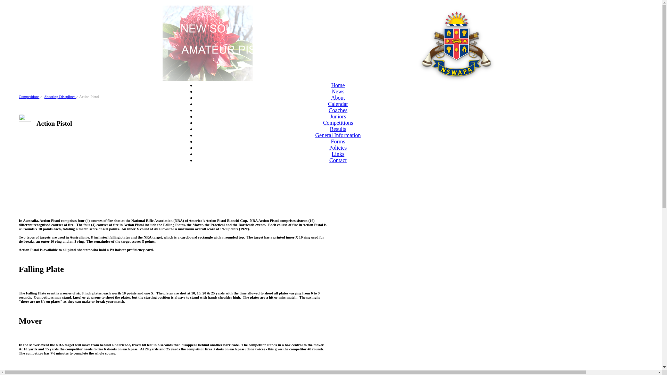  I want to click on 'Contact', so click(338, 160).